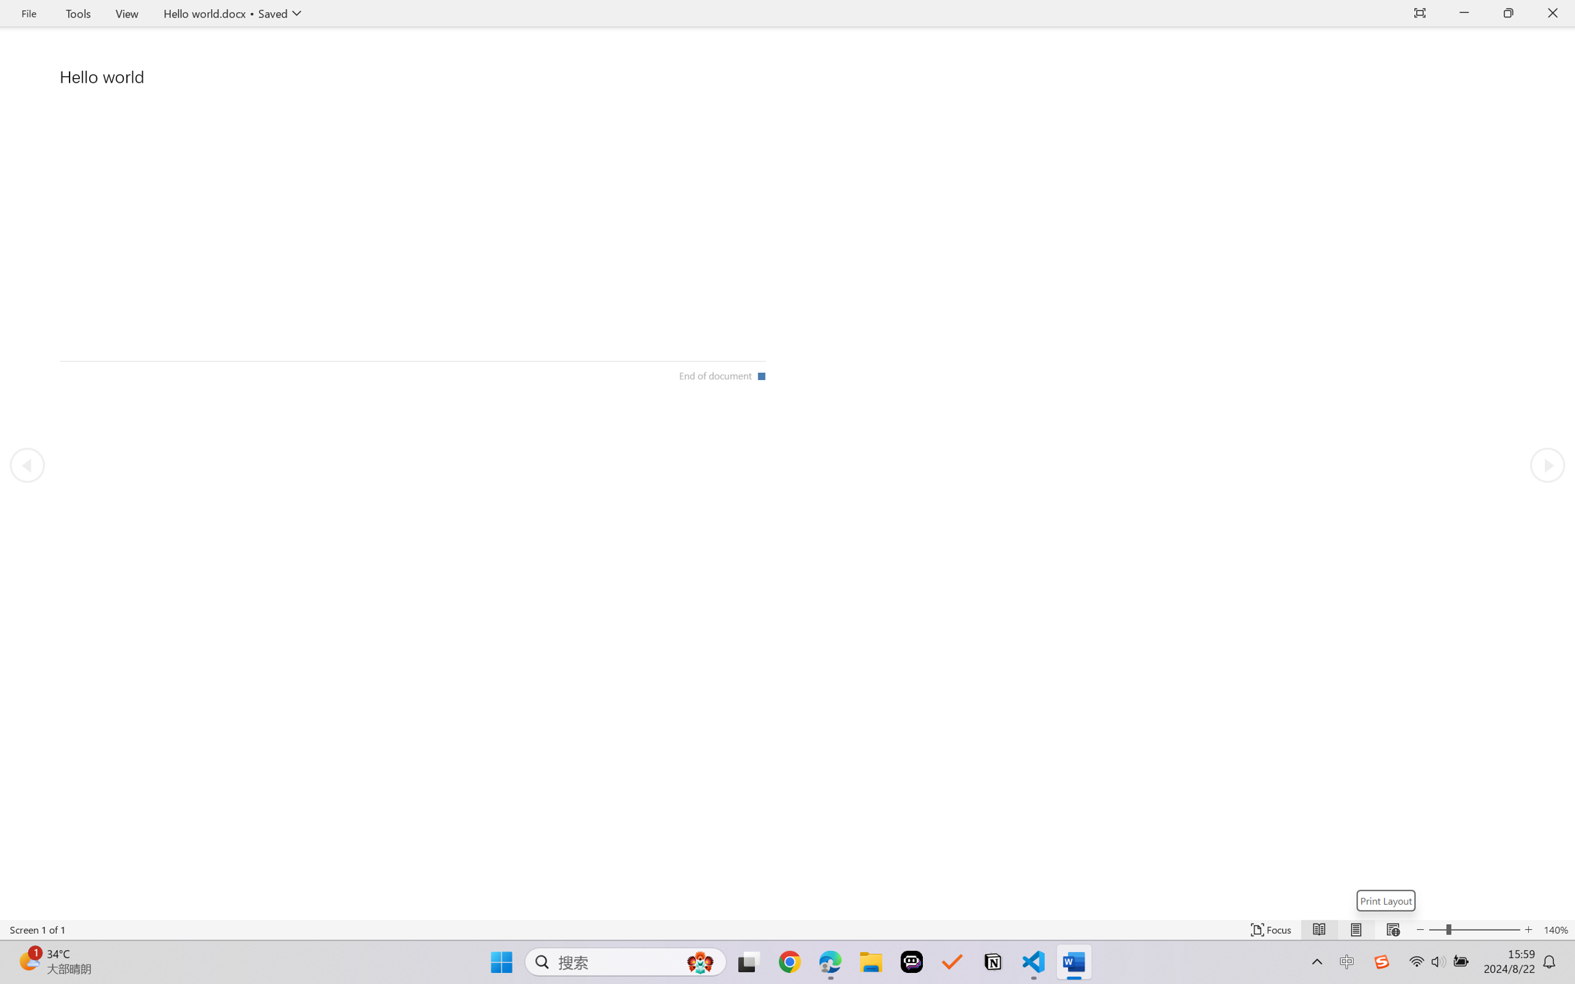  Describe the element at coordinates (787, 929) in the screenshot. I see `'Class: MsoCommandBar'` at that location.